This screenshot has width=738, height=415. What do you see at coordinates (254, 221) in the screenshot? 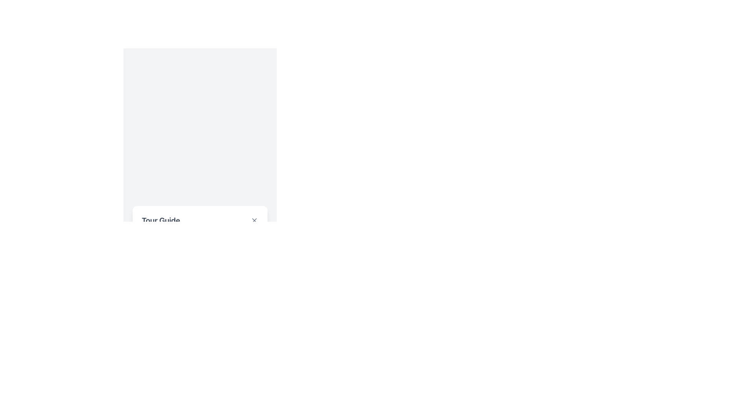
I see `the close button located at the top-right corner of the 'Tour Guide' section` at bounding box center [254, 221].